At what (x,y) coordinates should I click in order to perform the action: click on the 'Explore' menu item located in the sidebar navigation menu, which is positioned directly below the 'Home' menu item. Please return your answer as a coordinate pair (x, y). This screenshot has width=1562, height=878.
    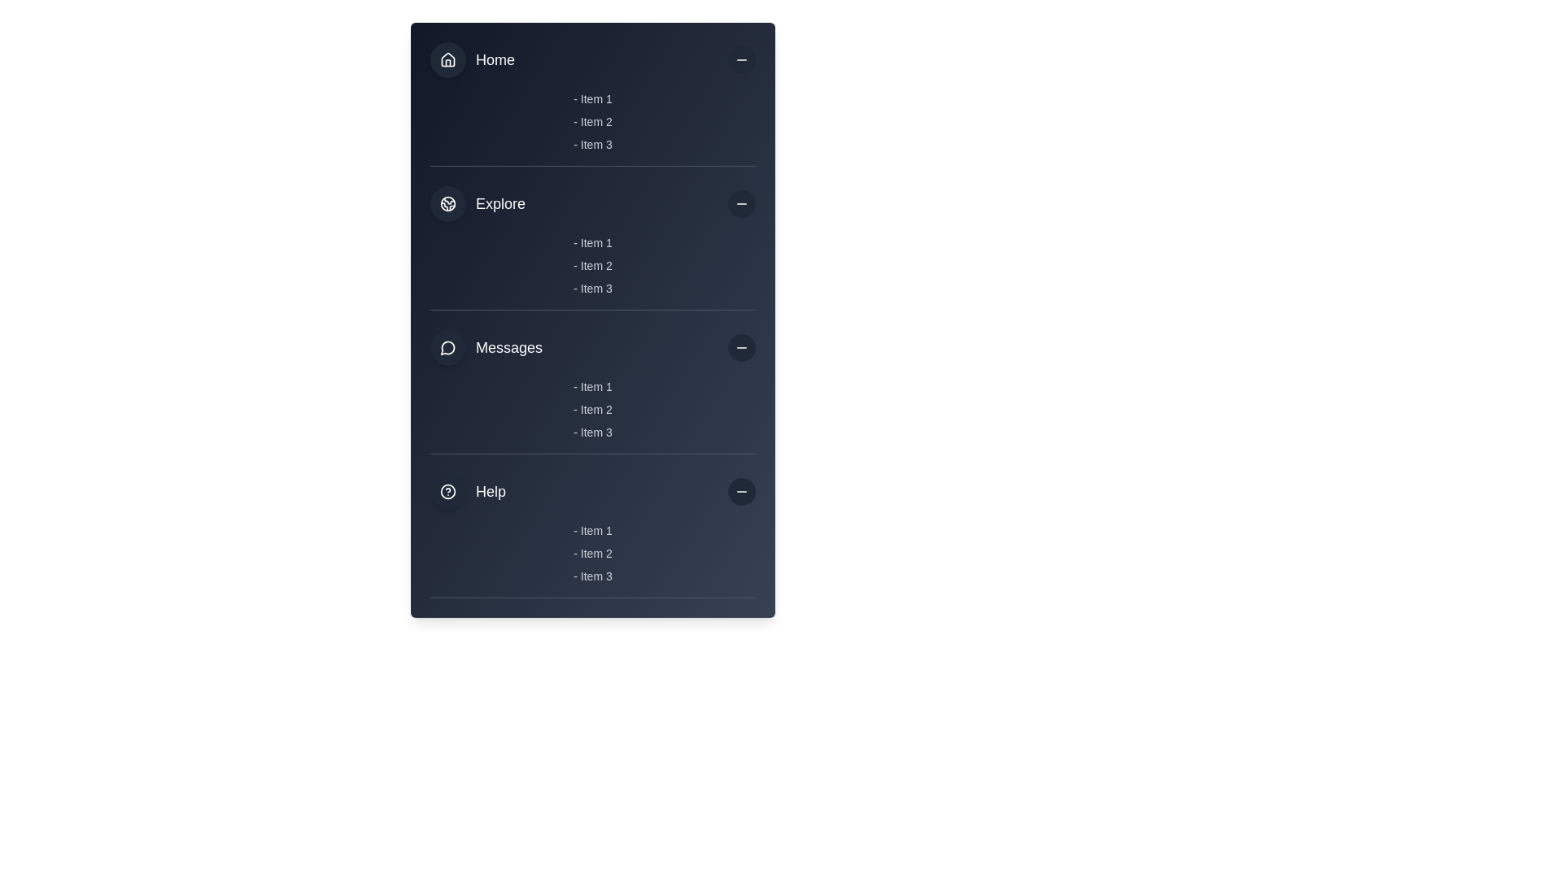
    Looking at the image, I should click on (477, 202).